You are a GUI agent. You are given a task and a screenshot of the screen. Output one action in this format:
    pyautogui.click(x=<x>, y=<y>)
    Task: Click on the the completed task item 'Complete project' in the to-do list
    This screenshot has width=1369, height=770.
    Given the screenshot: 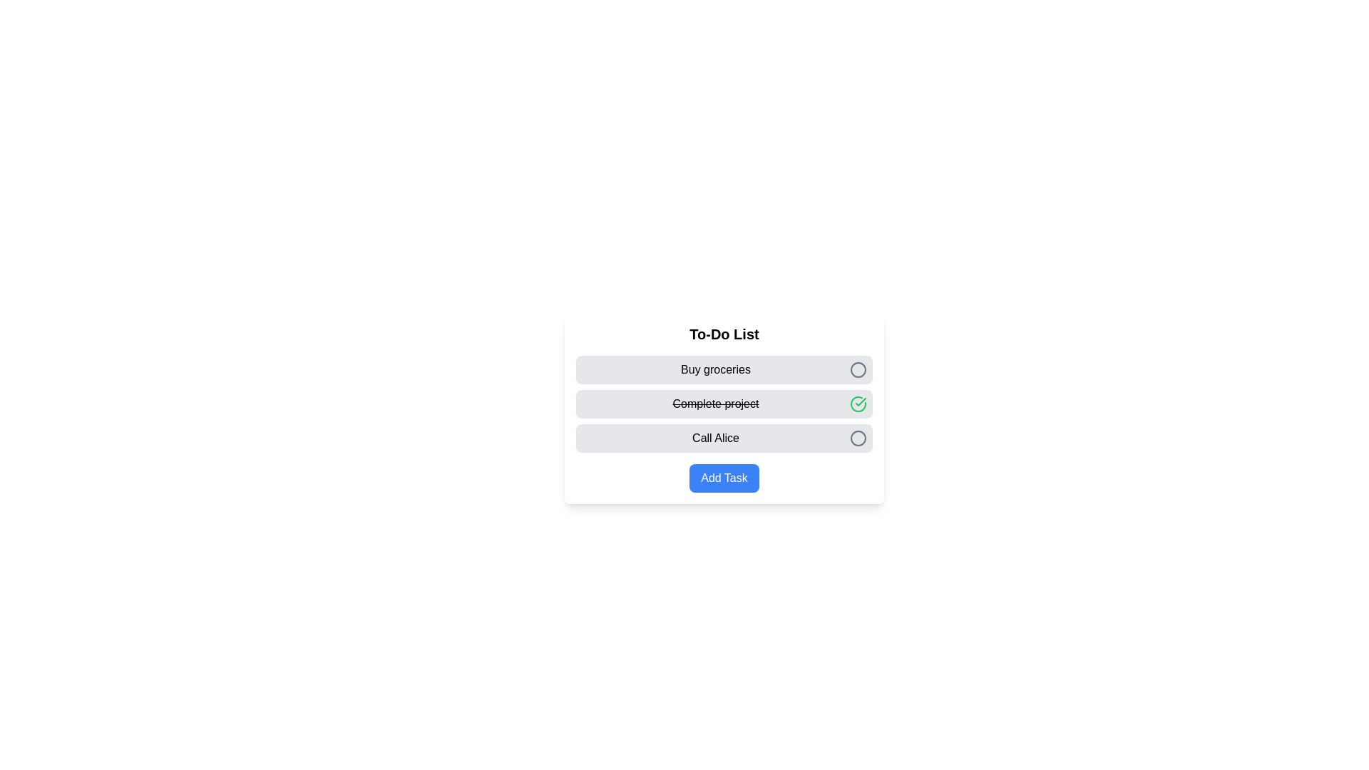 What is the action you would take?
    pyautogui.click(x=724, y=409)
    